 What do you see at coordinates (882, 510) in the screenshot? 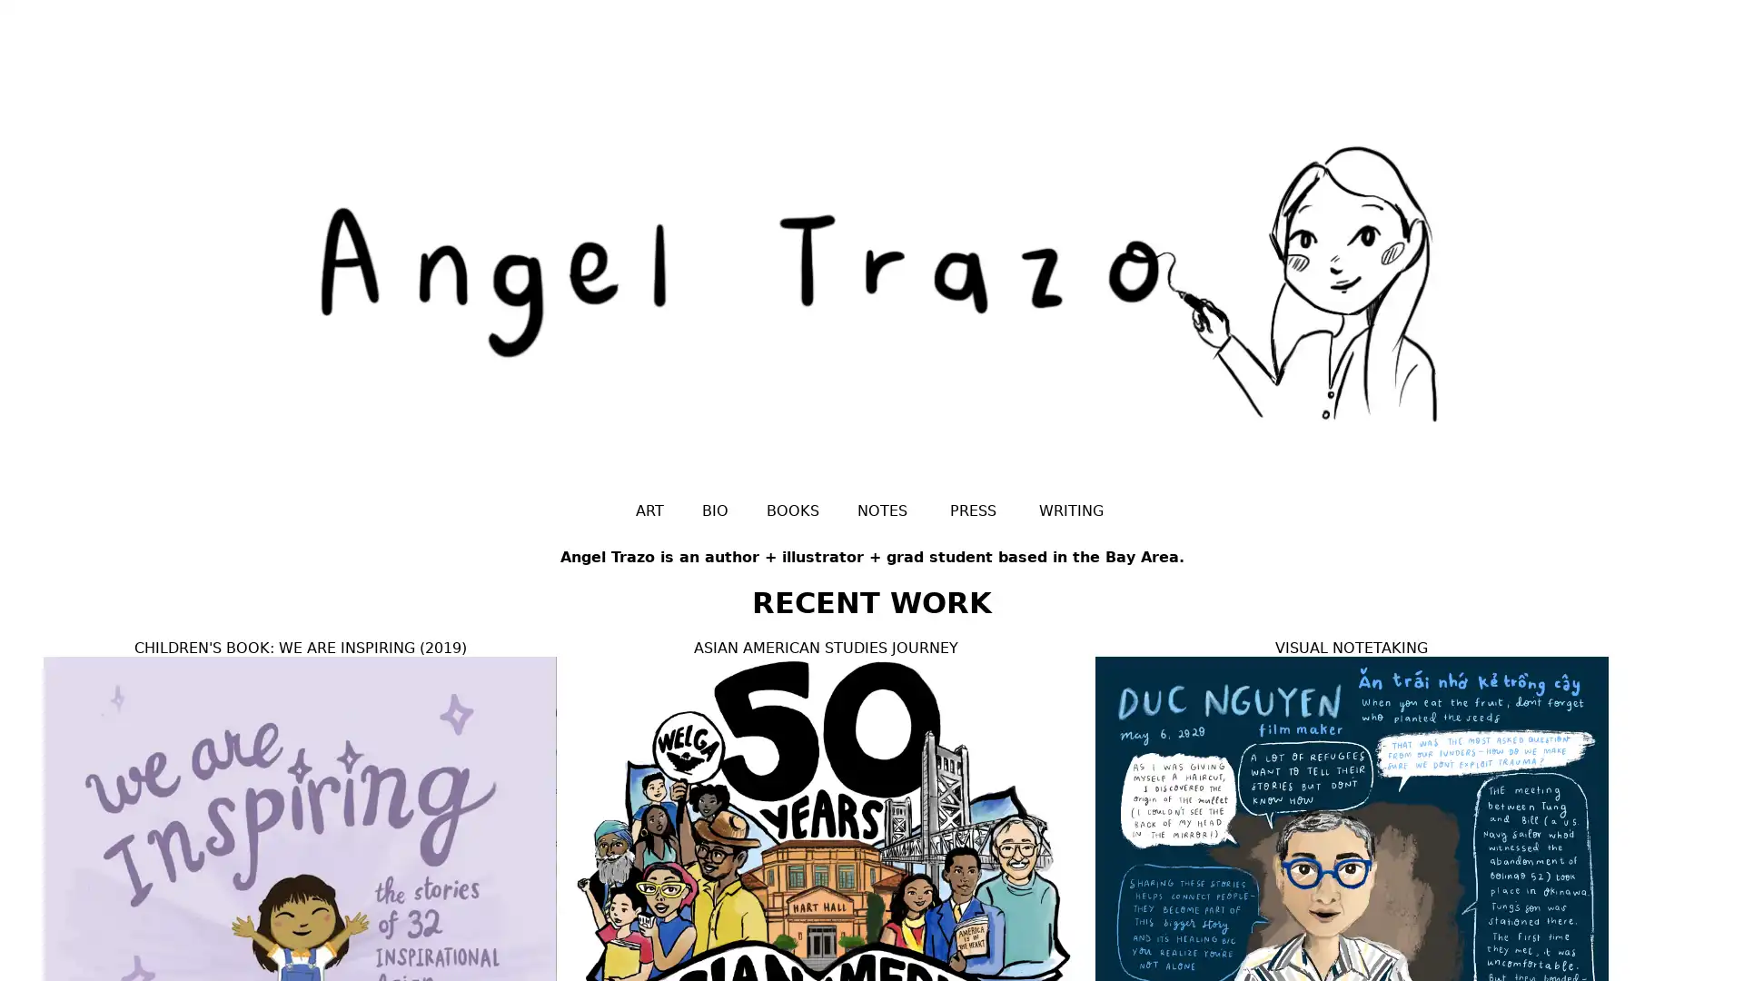
I see `NOTES` at bounding box center [882, 510].